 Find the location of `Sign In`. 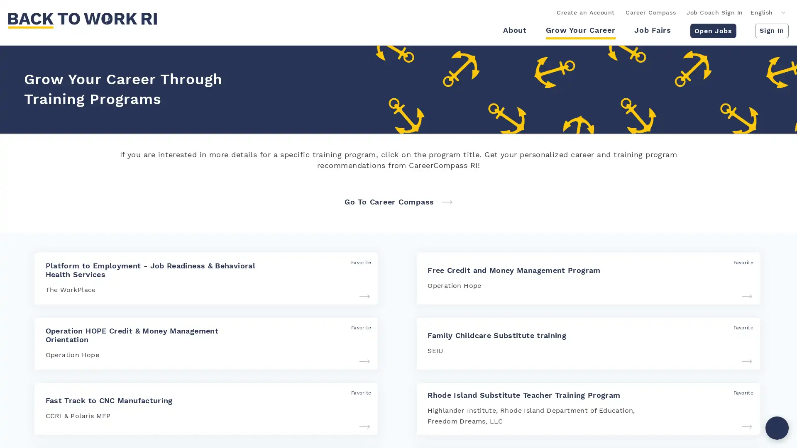

Sign In is located at coordinates (771, 30).